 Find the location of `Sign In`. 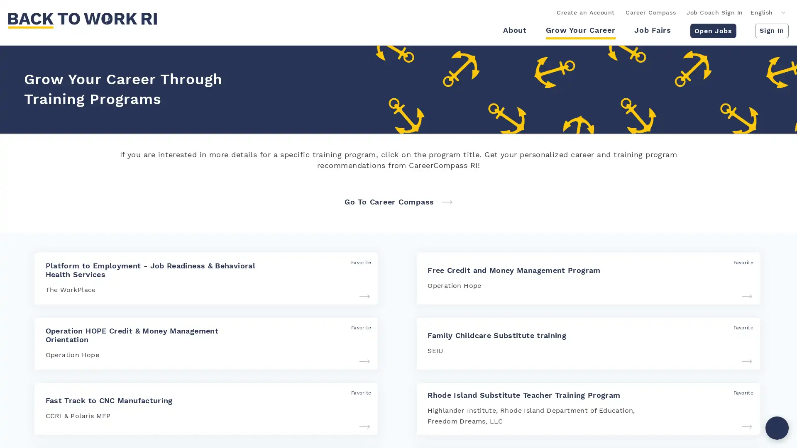

Sign In is located at coordinates (771, 30).